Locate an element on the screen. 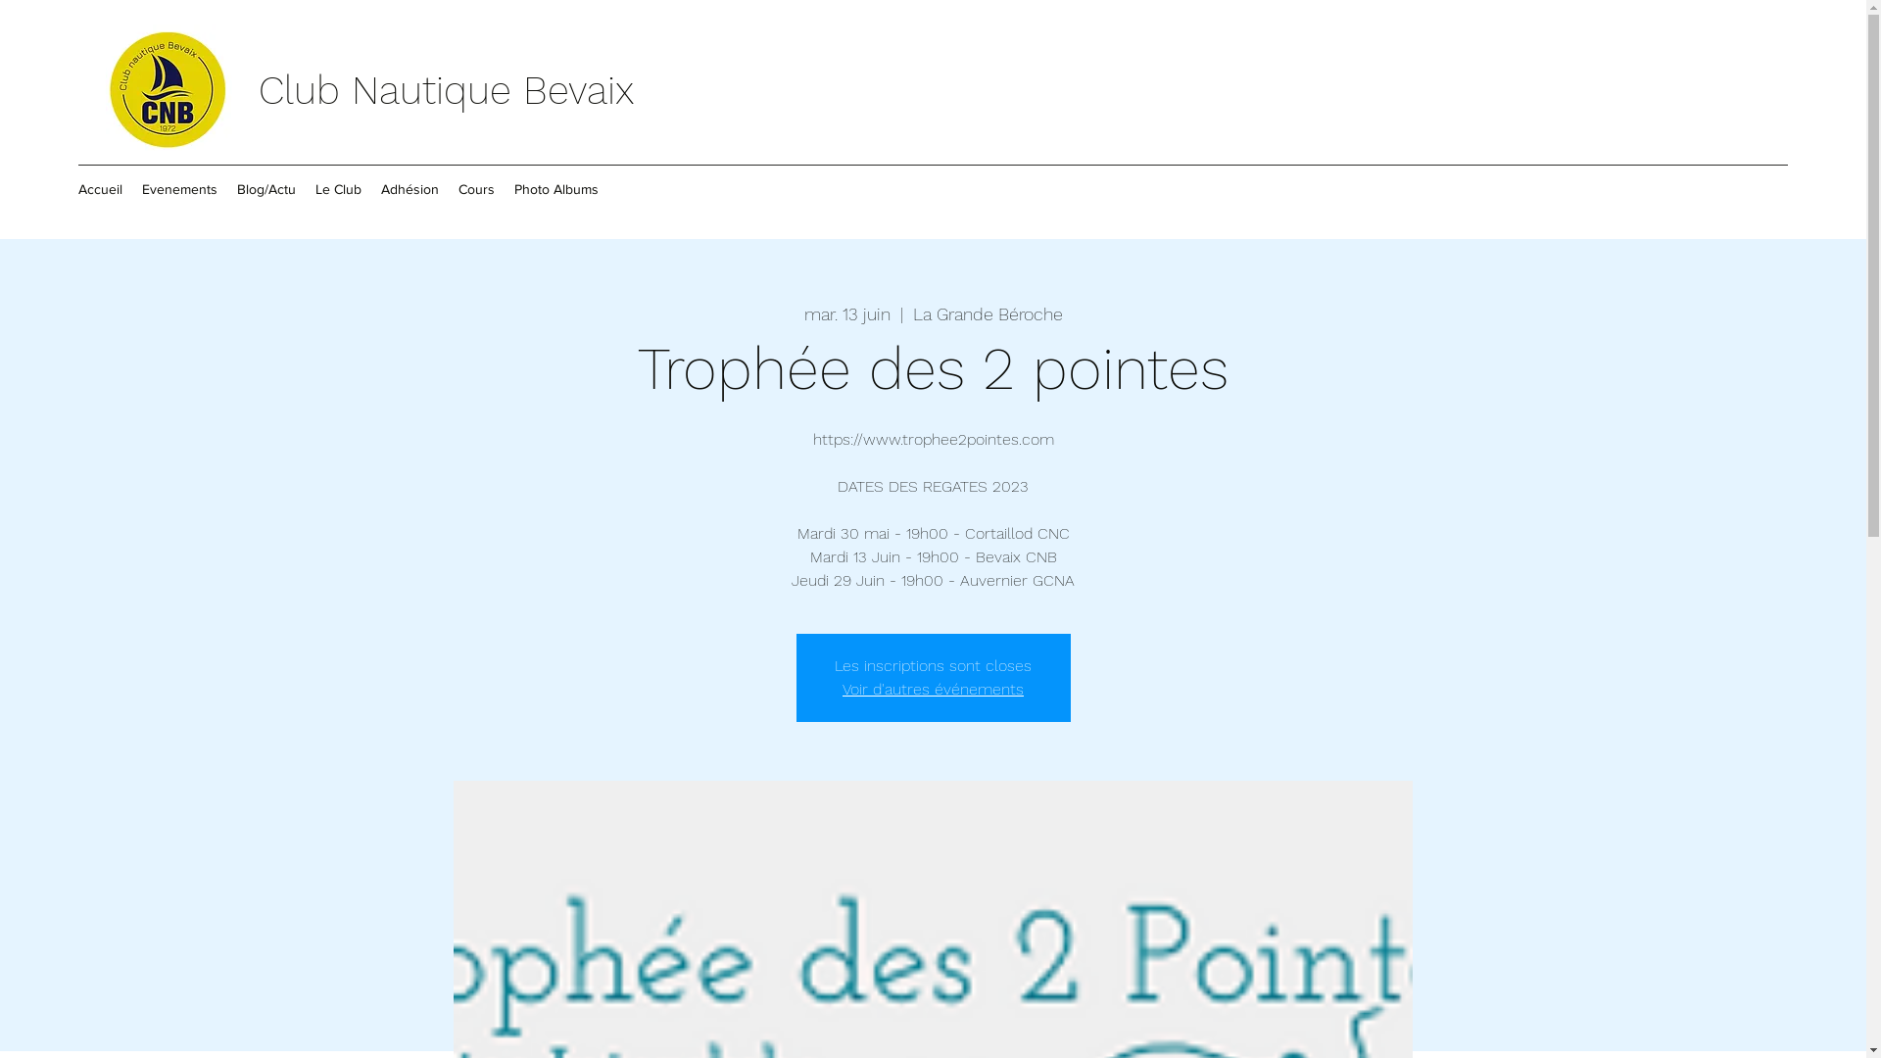 The width and height of the screenshot is (1881, 1058). 'Photo Albums' is located at coordinates (555, 188).